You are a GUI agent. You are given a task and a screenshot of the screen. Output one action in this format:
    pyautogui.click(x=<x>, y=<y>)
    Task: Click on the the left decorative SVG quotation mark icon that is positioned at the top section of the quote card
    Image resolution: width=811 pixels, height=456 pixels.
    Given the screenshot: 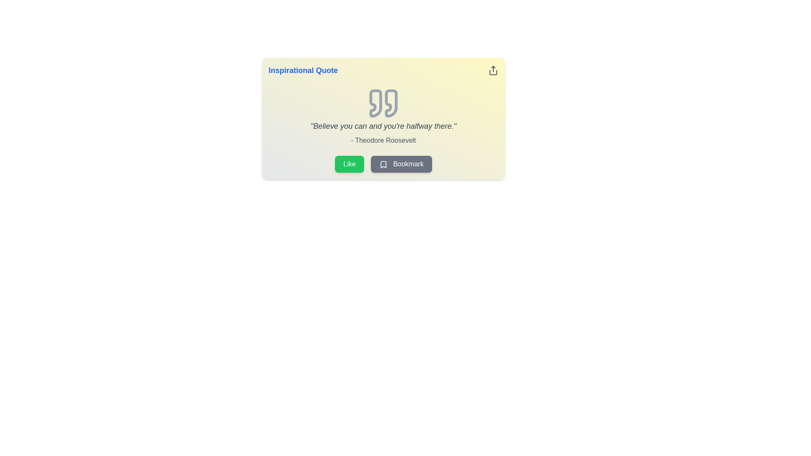 What is the action you would take?
    pyautogui.click(x=375, y=103)
    